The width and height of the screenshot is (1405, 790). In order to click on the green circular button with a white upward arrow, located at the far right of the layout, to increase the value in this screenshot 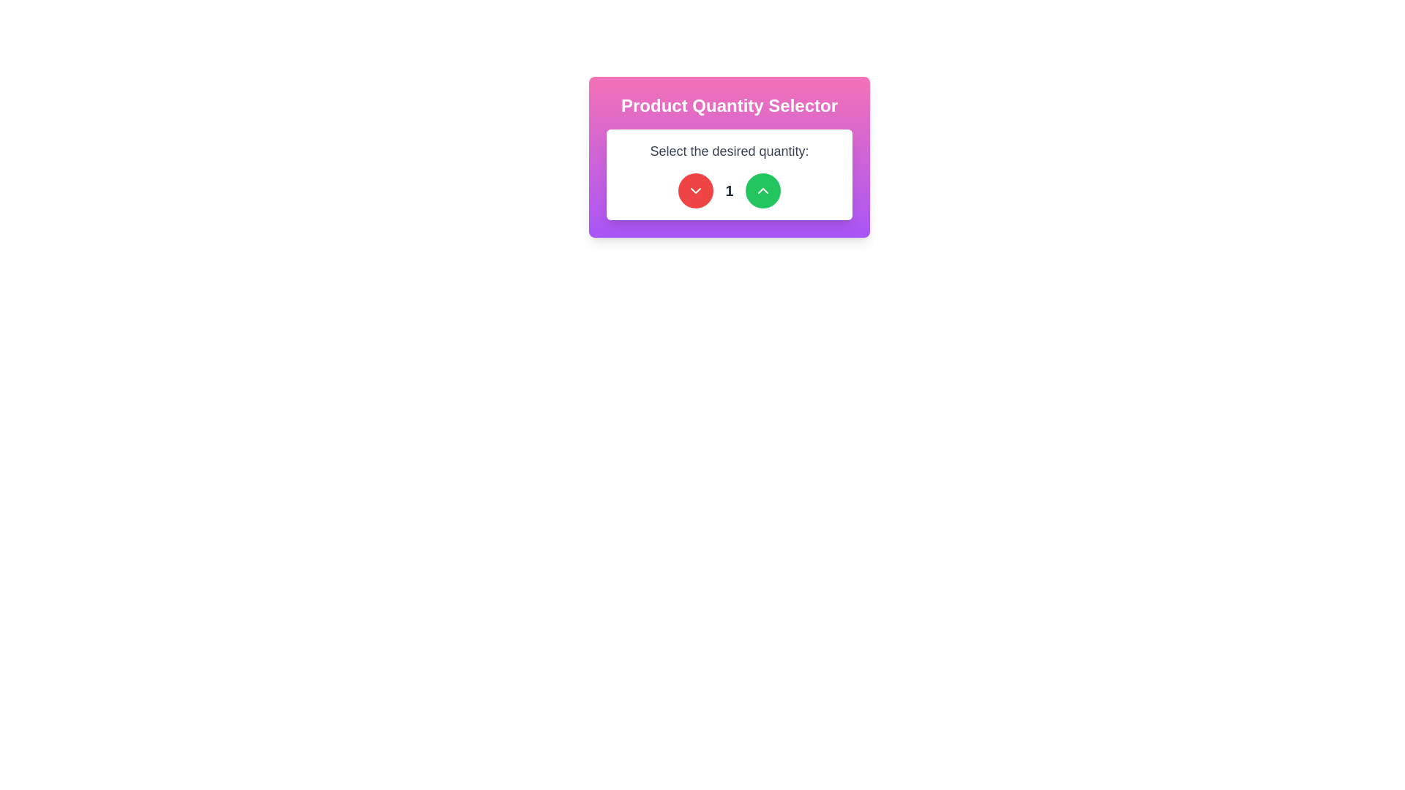, I will do `click(762, 190)`.